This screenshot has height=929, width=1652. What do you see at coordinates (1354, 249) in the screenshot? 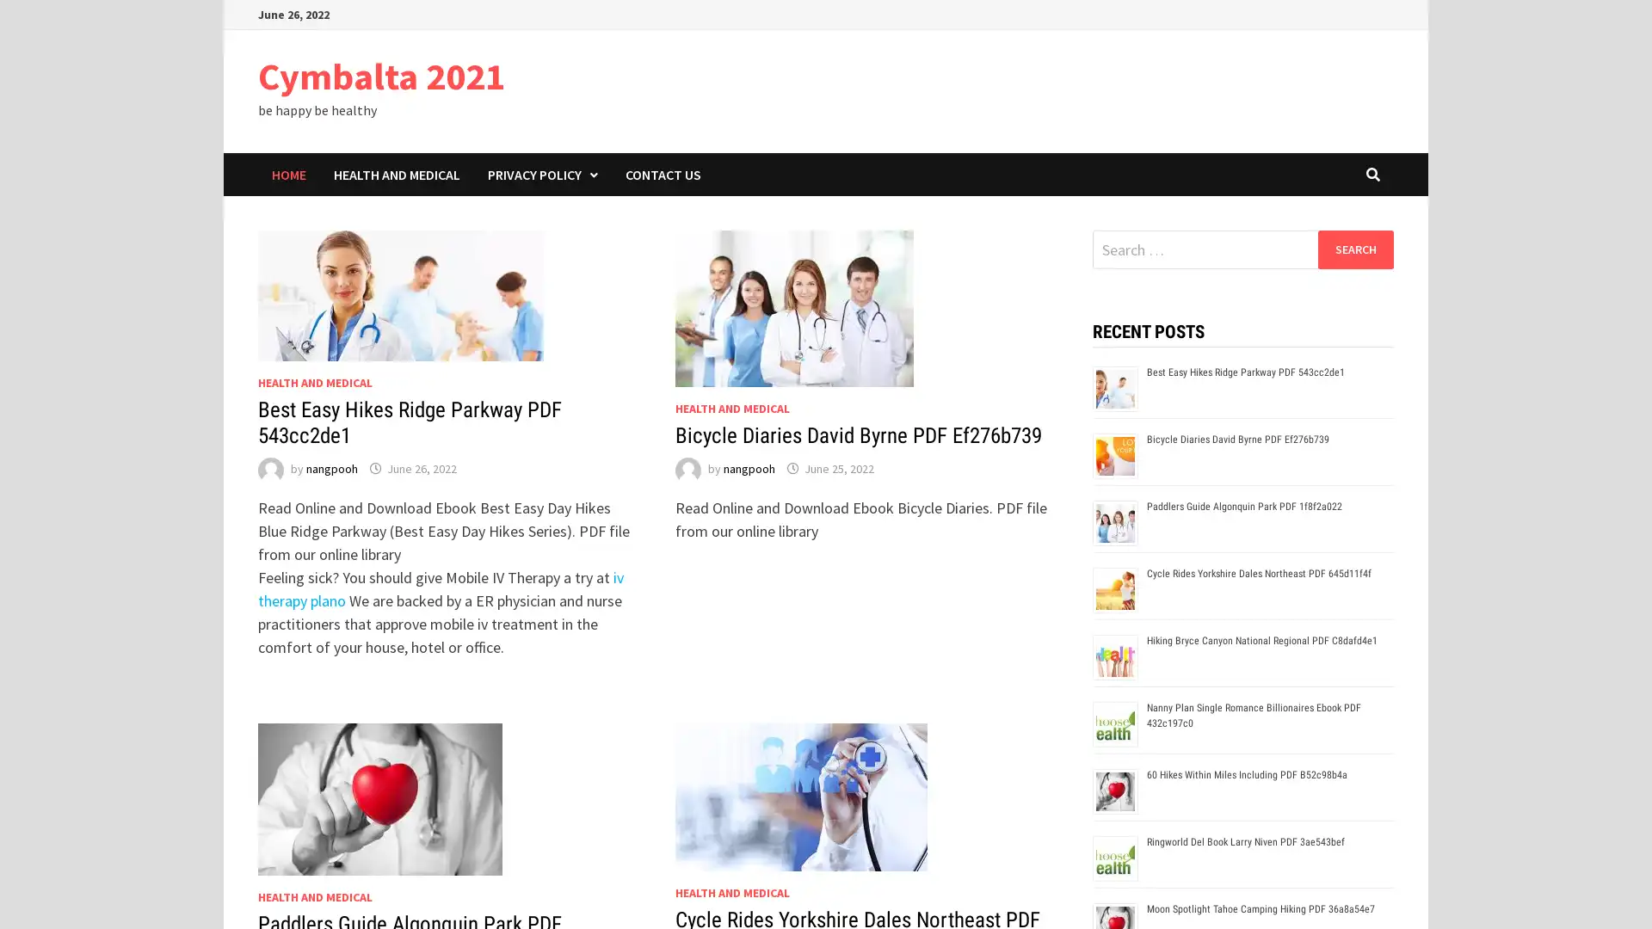
I see `Search` at bounding box center [1354, 249].